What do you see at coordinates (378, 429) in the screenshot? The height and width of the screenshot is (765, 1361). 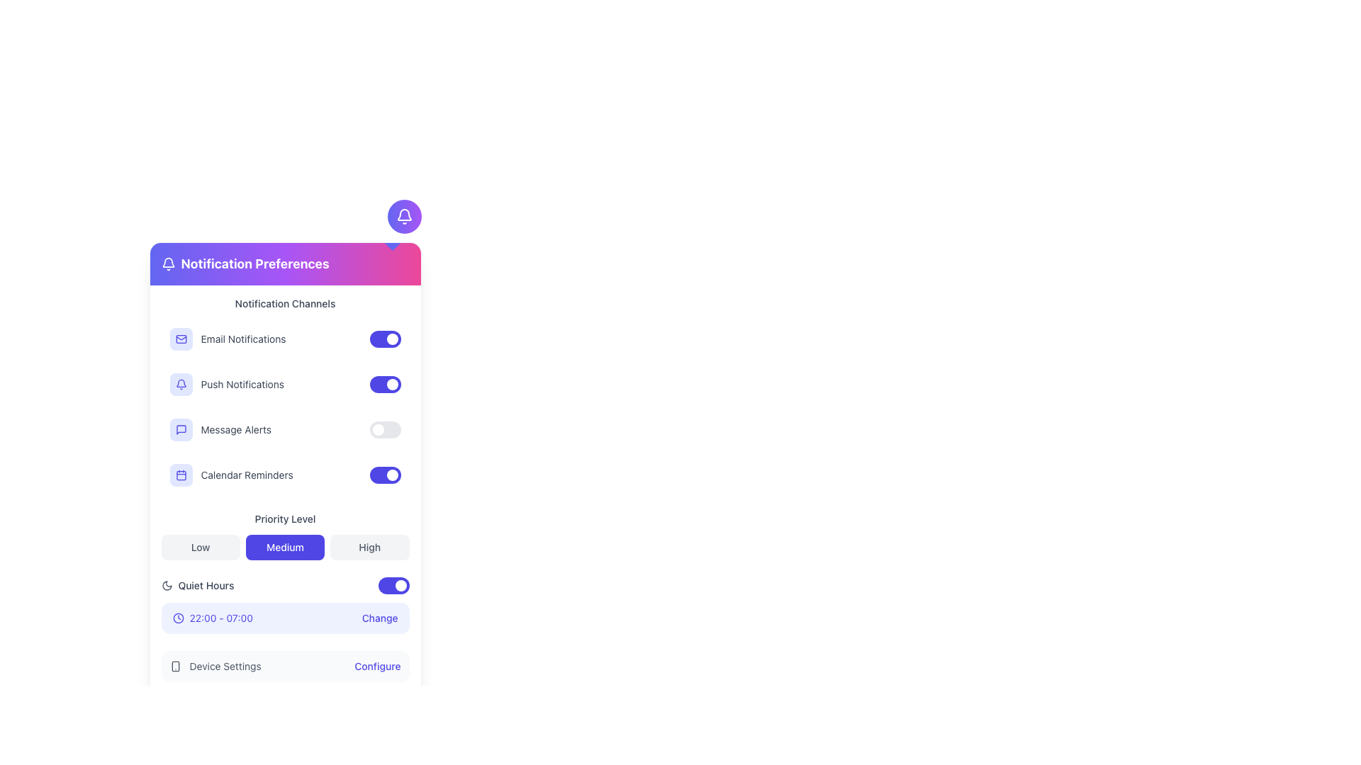 I see `the toggle switch knob for 'Message Alerts', located in the third row under 'Notification Channels' in the 'Notification Preferences' section` at bounding box center [378, 429].